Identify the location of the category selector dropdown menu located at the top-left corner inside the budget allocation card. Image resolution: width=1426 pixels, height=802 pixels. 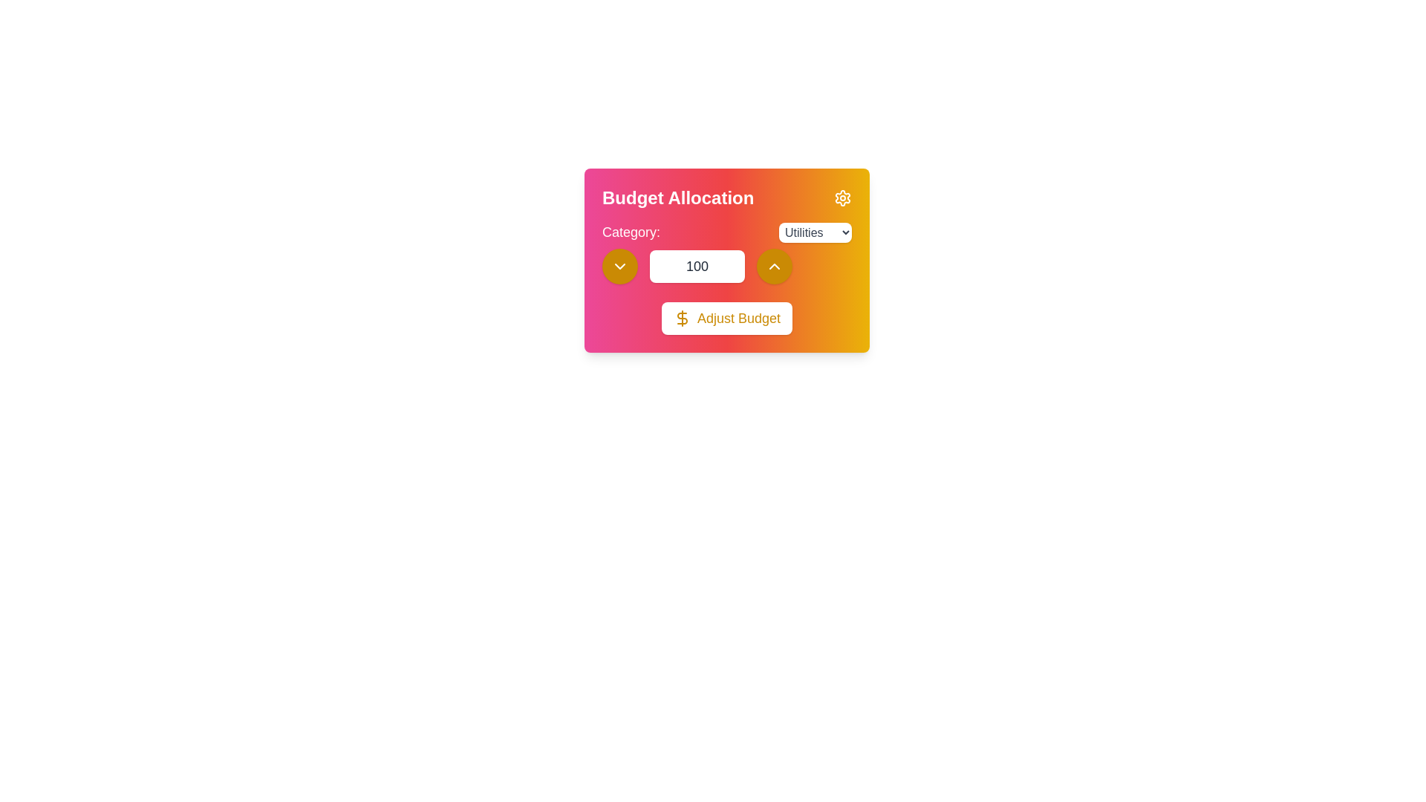
(727, 232).